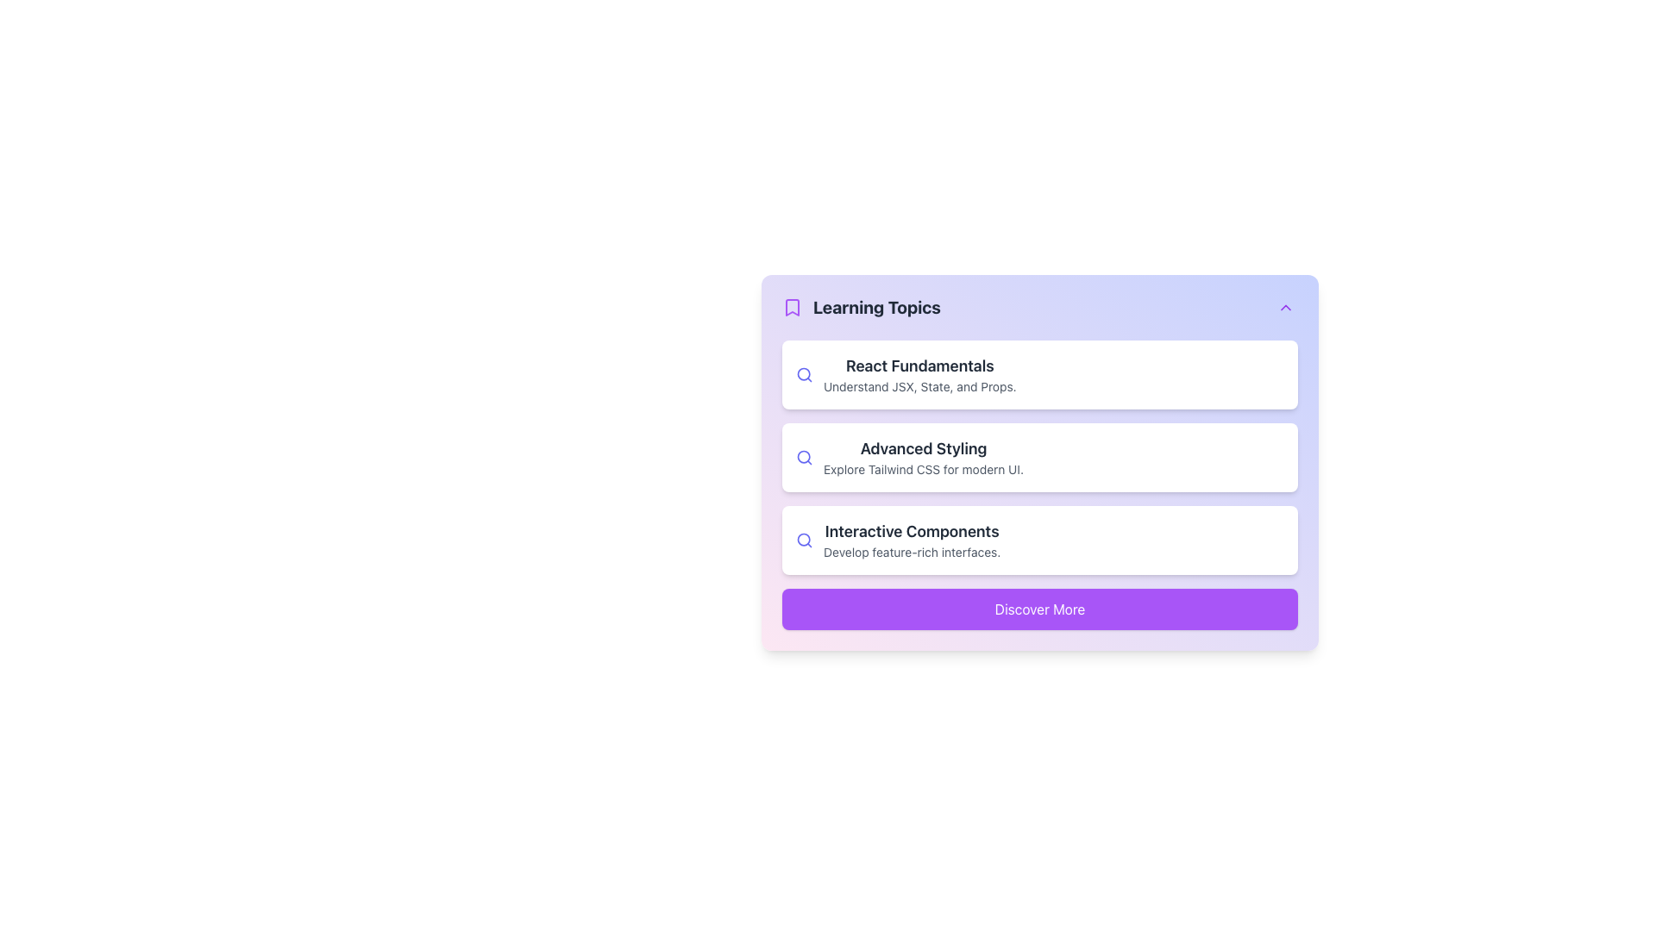 The image size is (1656, 931). What do you see at coordinates (803, 457) in the screenshot?
I see `the search icon located to the left of the 'Advanced Styling' text within the 'Learning Topics' card-like section` at bounding box center [803, 457].